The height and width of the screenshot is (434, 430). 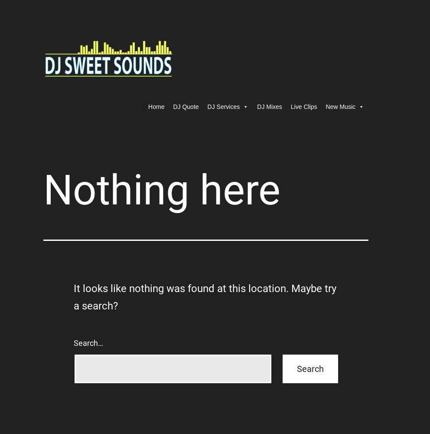 I want to click on 'Service Area', so click(x=223, y=142).